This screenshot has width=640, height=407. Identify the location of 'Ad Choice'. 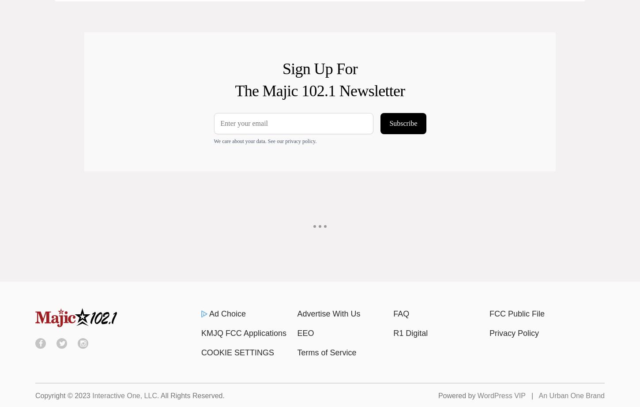
(227, 313).